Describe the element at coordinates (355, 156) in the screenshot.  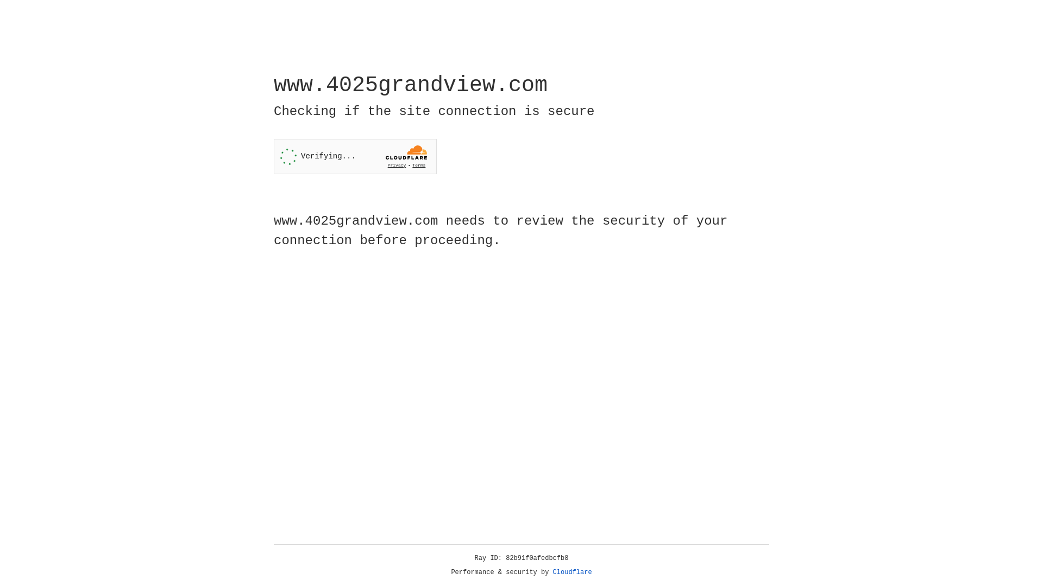
I see `'Widget containing a Cloudflare security challenge'` at that location.